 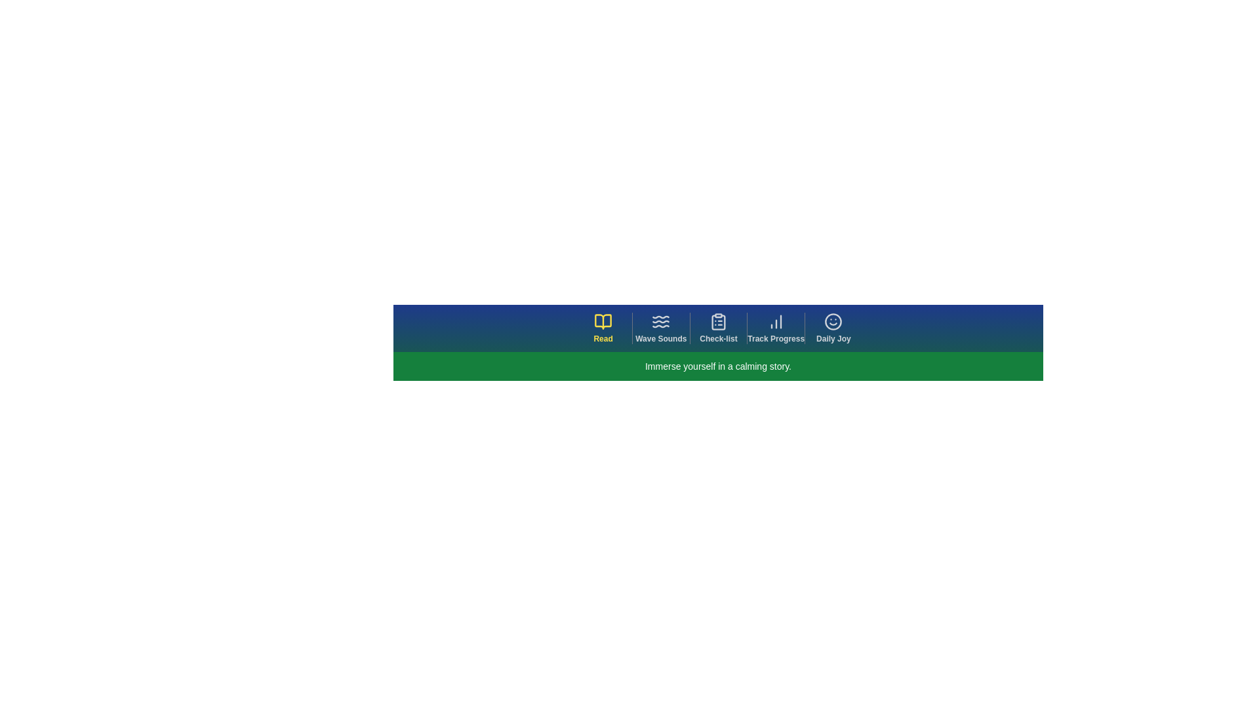 I want to click on the navigation tab labeled Check-list to observe visual feedback, so click(x=717, y=328).